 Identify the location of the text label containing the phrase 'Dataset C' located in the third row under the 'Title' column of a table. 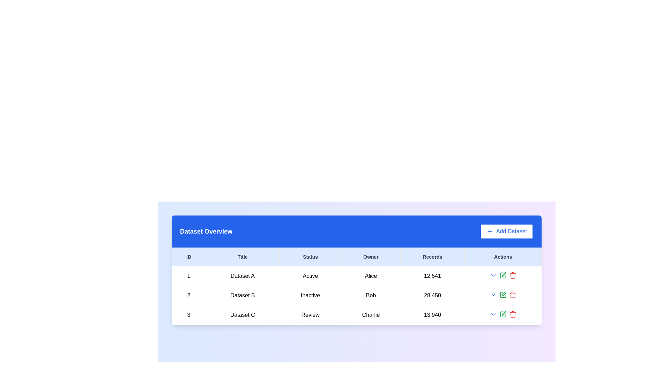
(243, 315).